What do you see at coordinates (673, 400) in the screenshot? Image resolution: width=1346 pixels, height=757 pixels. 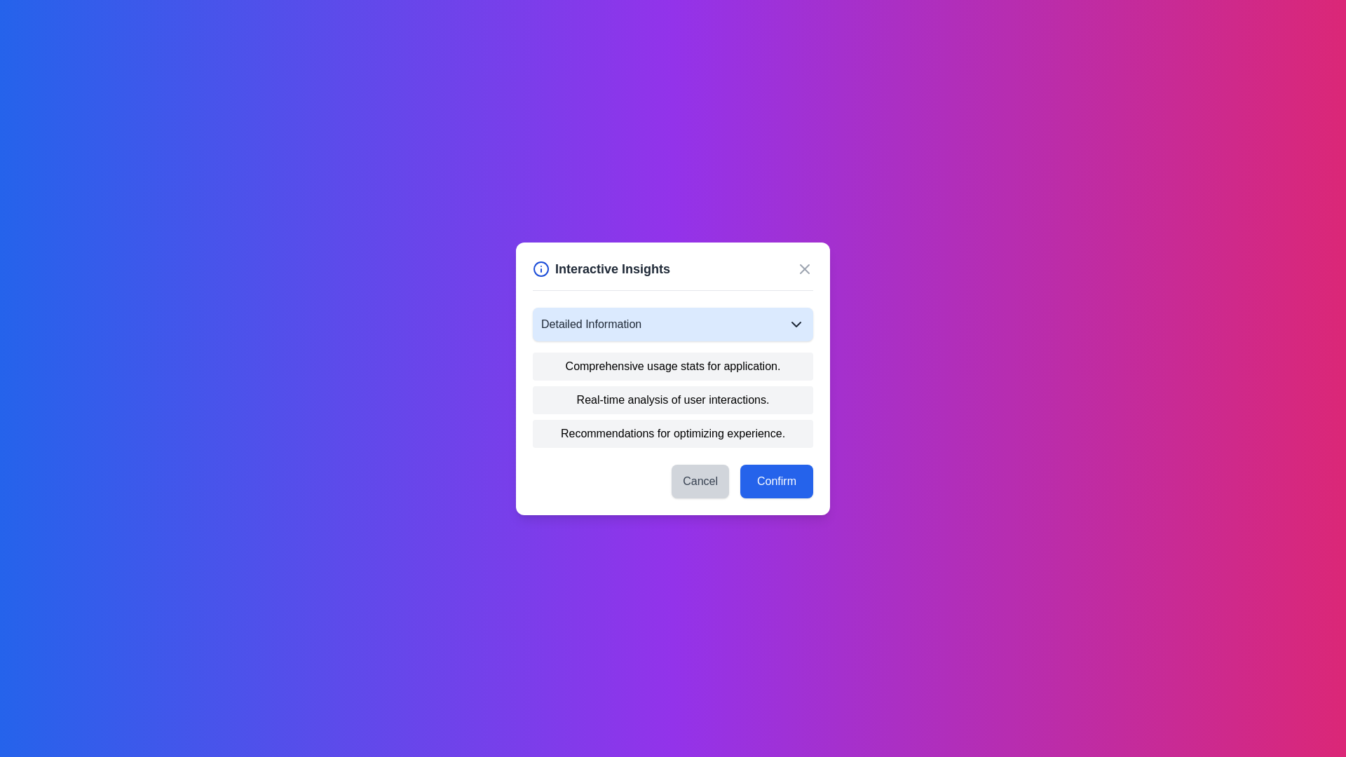 I see `the static text label that provides textual information, located between 'Comprehensive usage stats for application.' and 'Recommendations for optimizing experience.'` at bounding box center [673, 400].